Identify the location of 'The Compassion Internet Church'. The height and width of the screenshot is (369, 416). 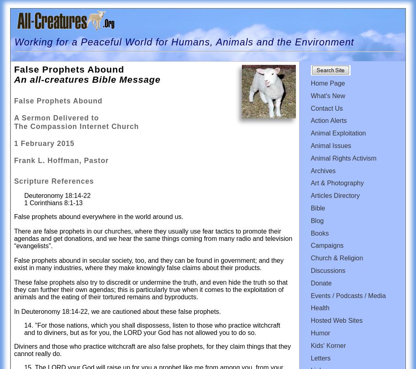
(76, 127).